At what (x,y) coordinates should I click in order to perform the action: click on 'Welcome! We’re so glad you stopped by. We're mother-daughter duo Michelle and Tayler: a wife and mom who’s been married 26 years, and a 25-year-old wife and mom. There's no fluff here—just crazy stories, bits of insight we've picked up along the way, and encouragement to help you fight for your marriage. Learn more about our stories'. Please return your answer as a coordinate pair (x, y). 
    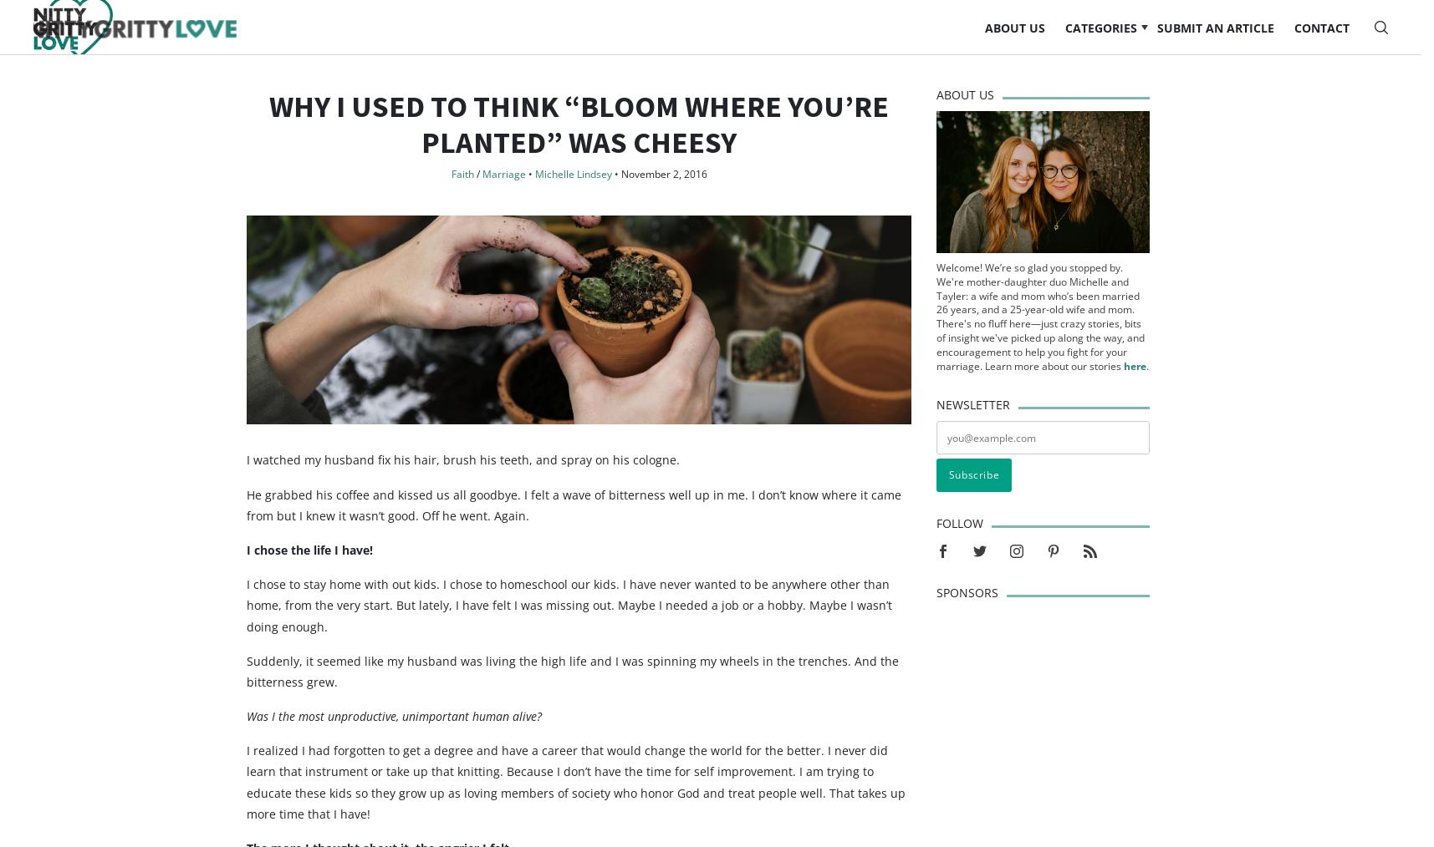
    Looking at the image, I should click on (1039, 347).